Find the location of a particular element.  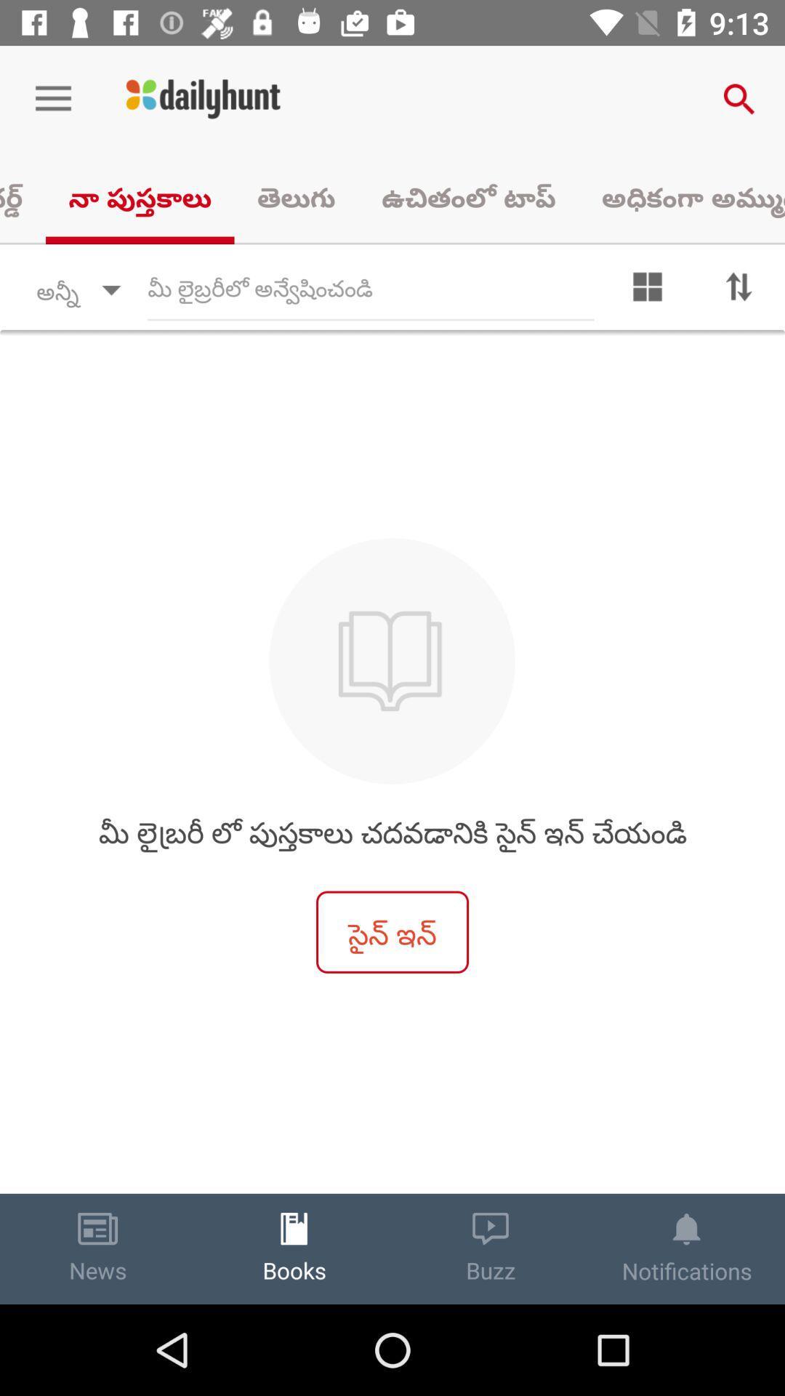

search is located at coordinates (370, 290).